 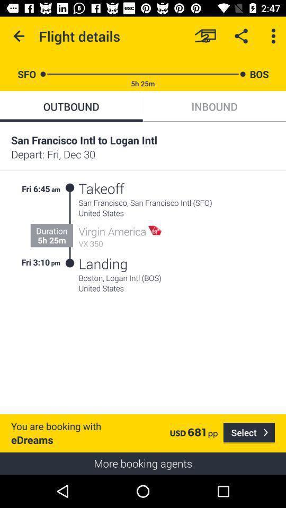 I want to click on the icon above vx 350 item, so click(x=112, y=231).